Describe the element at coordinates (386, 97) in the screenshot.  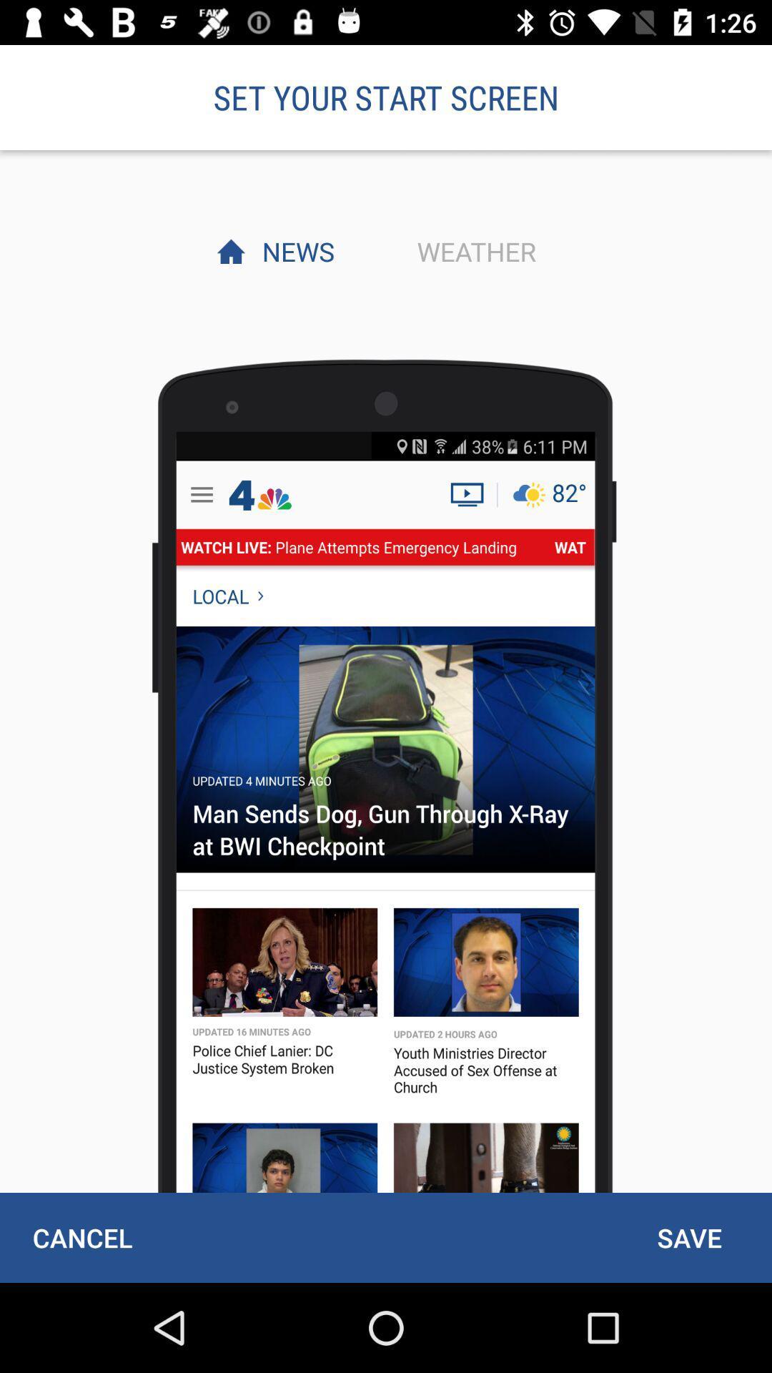
I see `icon above news` at that location.